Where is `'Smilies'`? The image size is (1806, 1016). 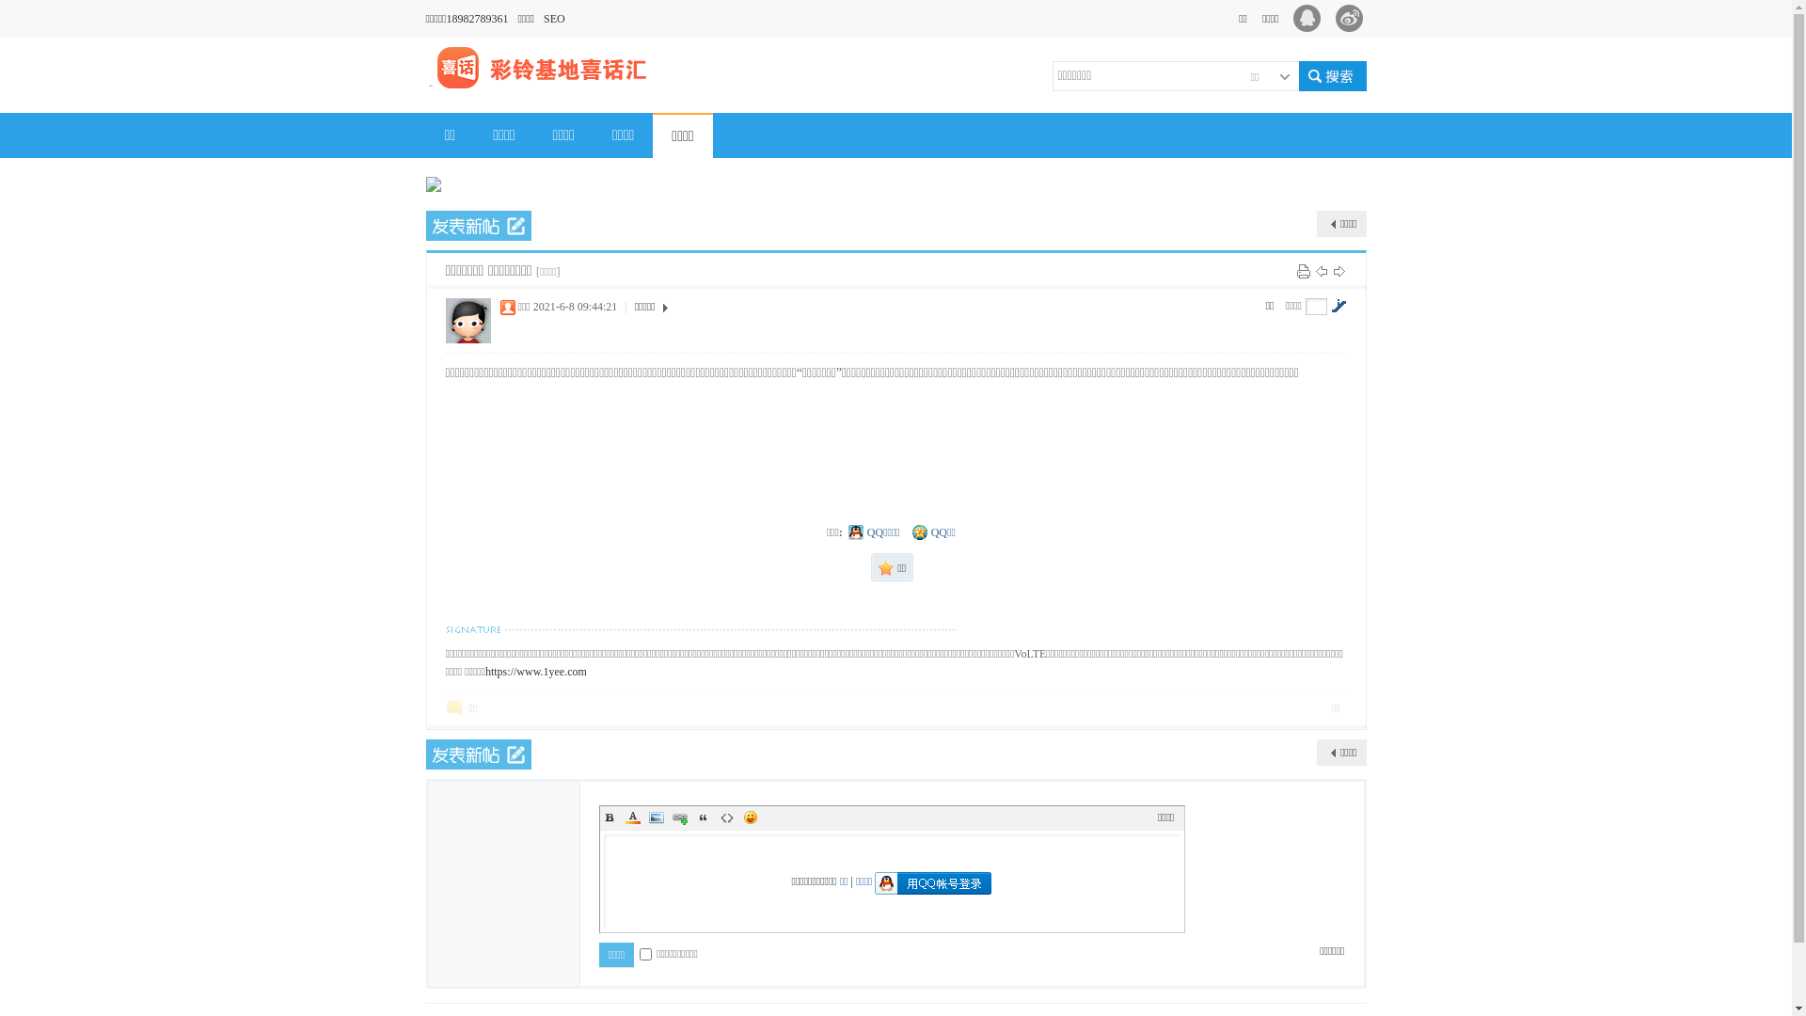
'Smilies' is located at coordinates (739, 816).